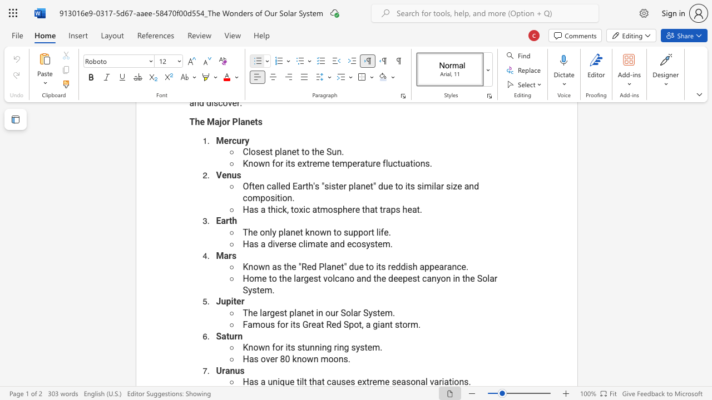 The width and height of the screenshot is (712, 400). I want to click on the space between the continuous character "o" and "n" in the text, so click(446, 278).